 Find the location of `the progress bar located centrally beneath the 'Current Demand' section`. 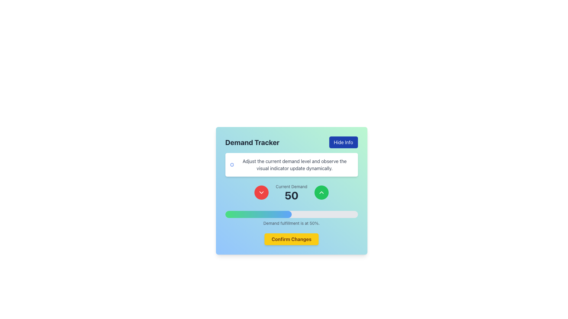

the progress bar located centrally beneath the 'Current Demand' section is located at coordinates (291, 219).